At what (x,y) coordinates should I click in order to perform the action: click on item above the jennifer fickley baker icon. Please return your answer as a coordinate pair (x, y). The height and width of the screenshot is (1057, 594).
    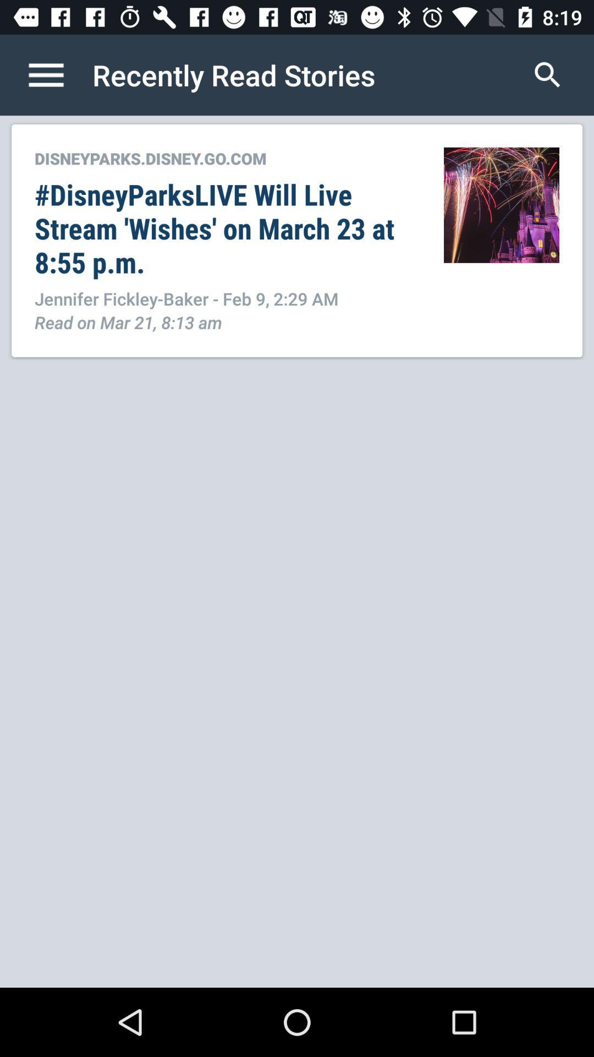
    Looking at the image, I should click on (227, 227).